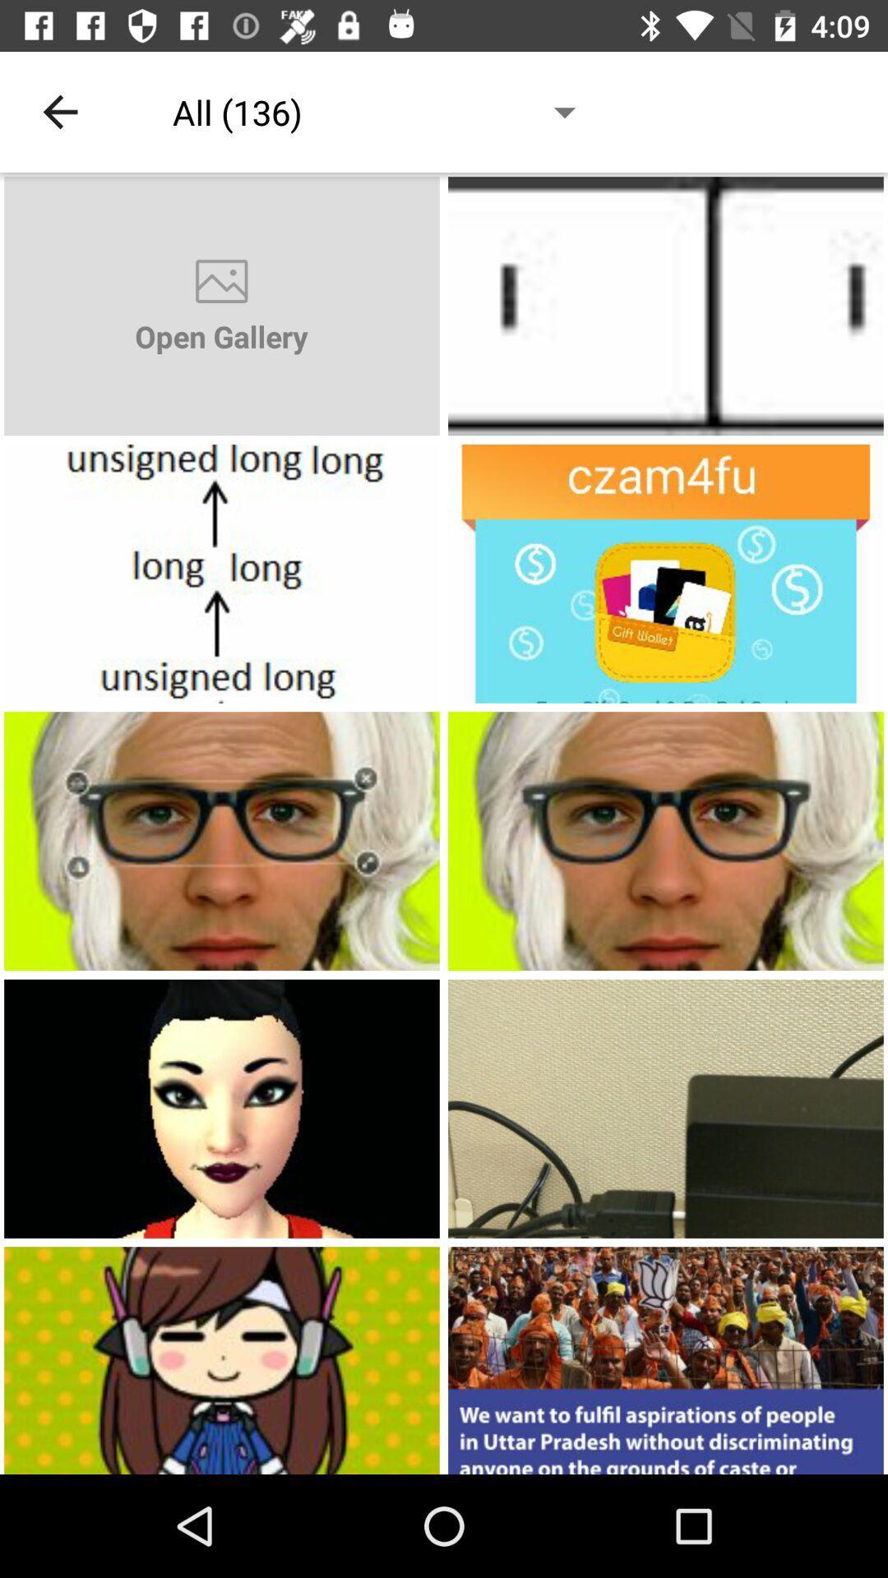  Describe the element at coordinates (666, 1360) in the screenshot. I see `enlarge photo` at that location.